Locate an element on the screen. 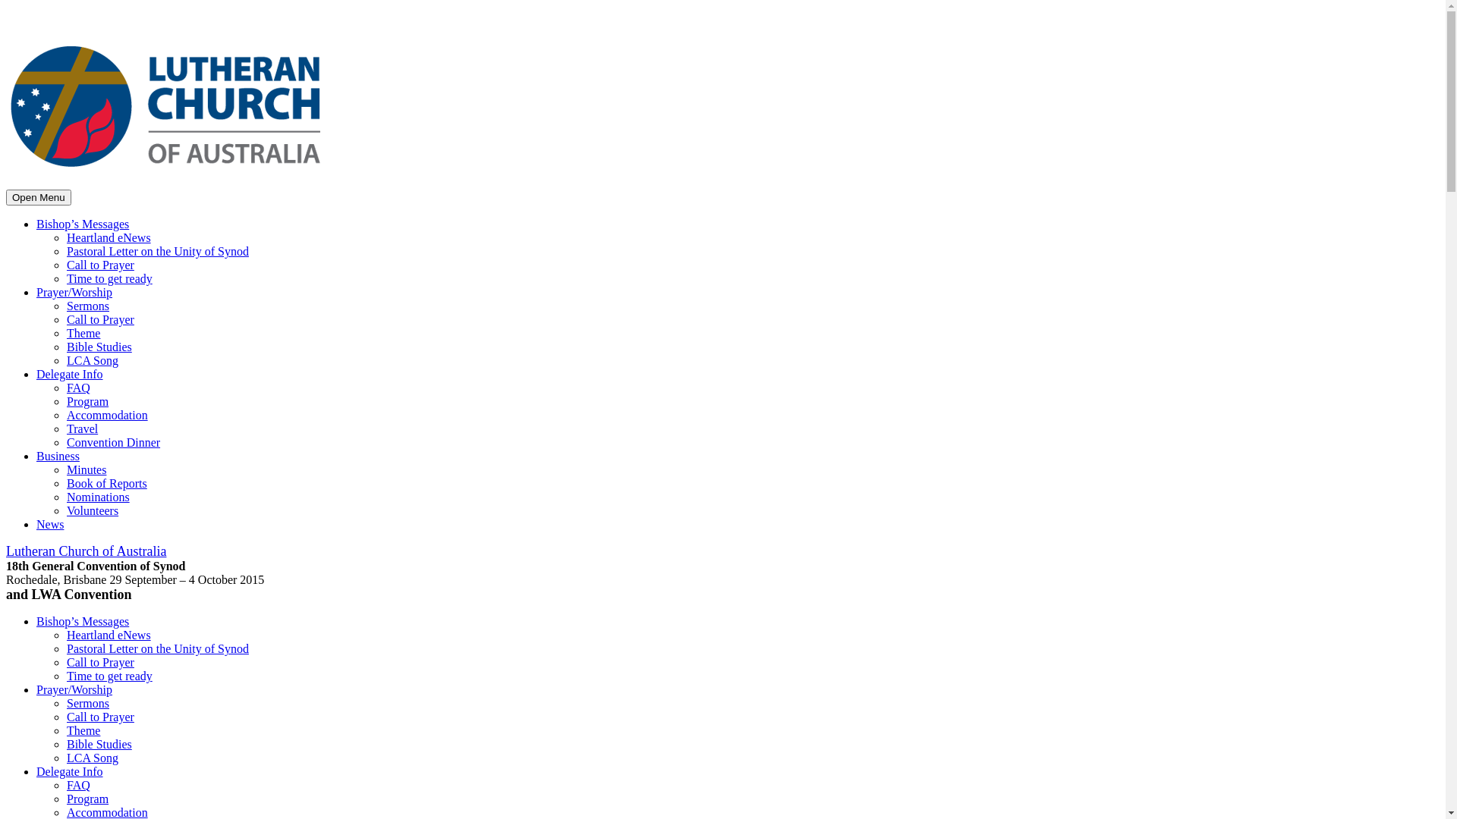  'Program' is located at coordinates (87, 400).